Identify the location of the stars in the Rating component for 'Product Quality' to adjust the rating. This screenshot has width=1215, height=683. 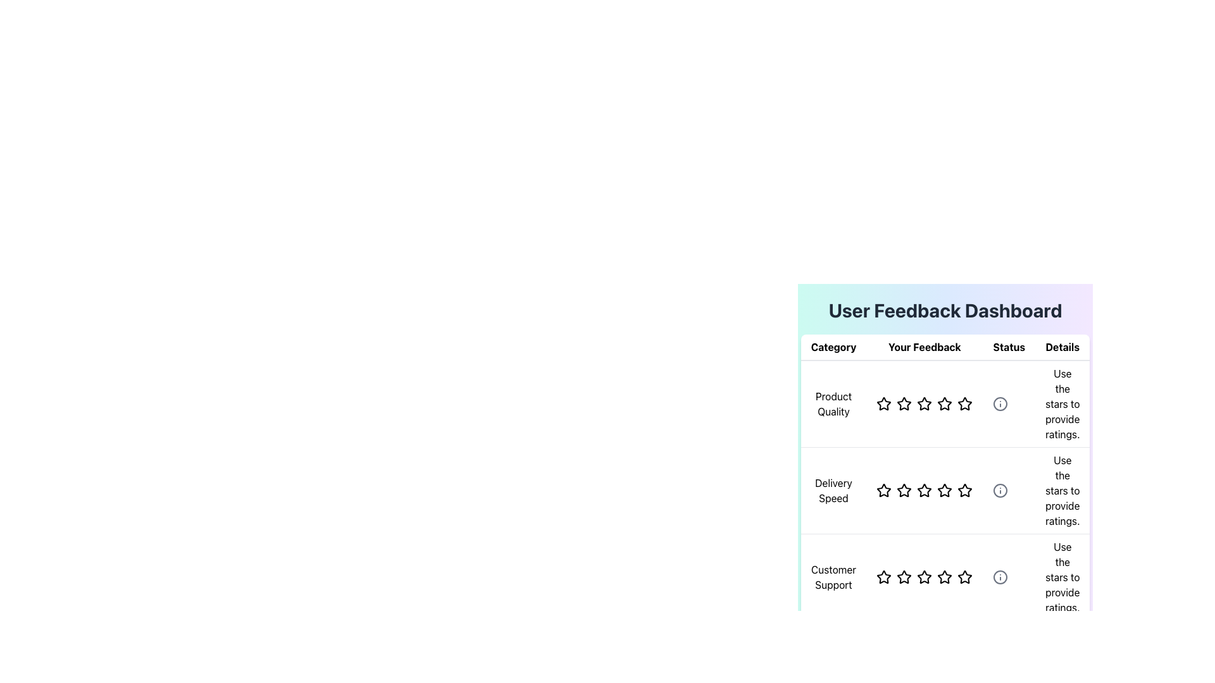
(945, 403).